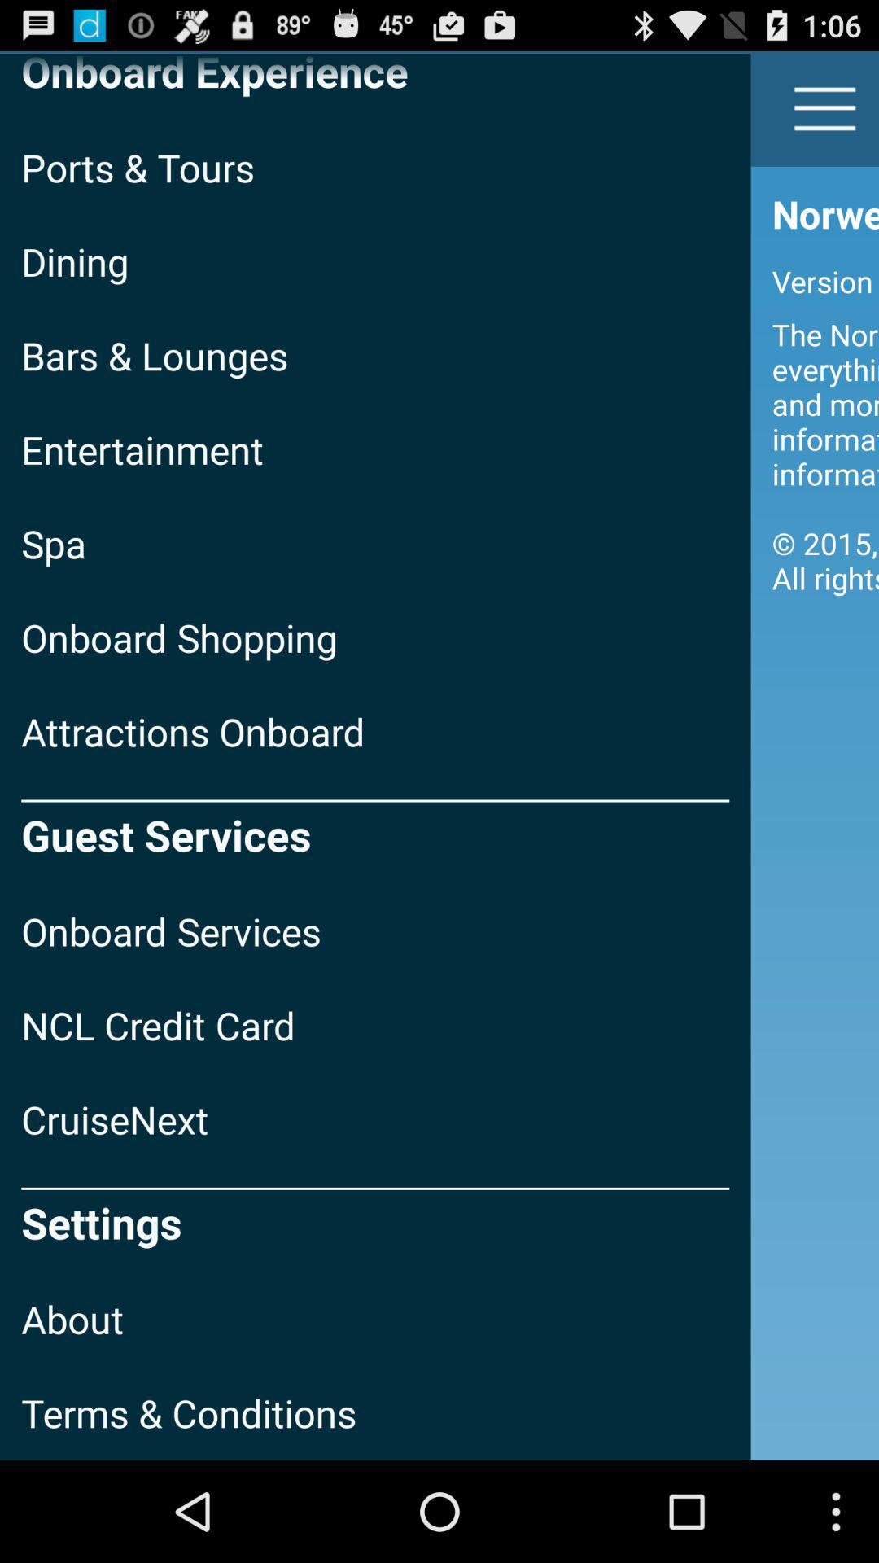 The image size is (879, 1563). Describe the element at coordinates (825, 107) in the screenshot. I see `the icon next to onboard experience` at that location.